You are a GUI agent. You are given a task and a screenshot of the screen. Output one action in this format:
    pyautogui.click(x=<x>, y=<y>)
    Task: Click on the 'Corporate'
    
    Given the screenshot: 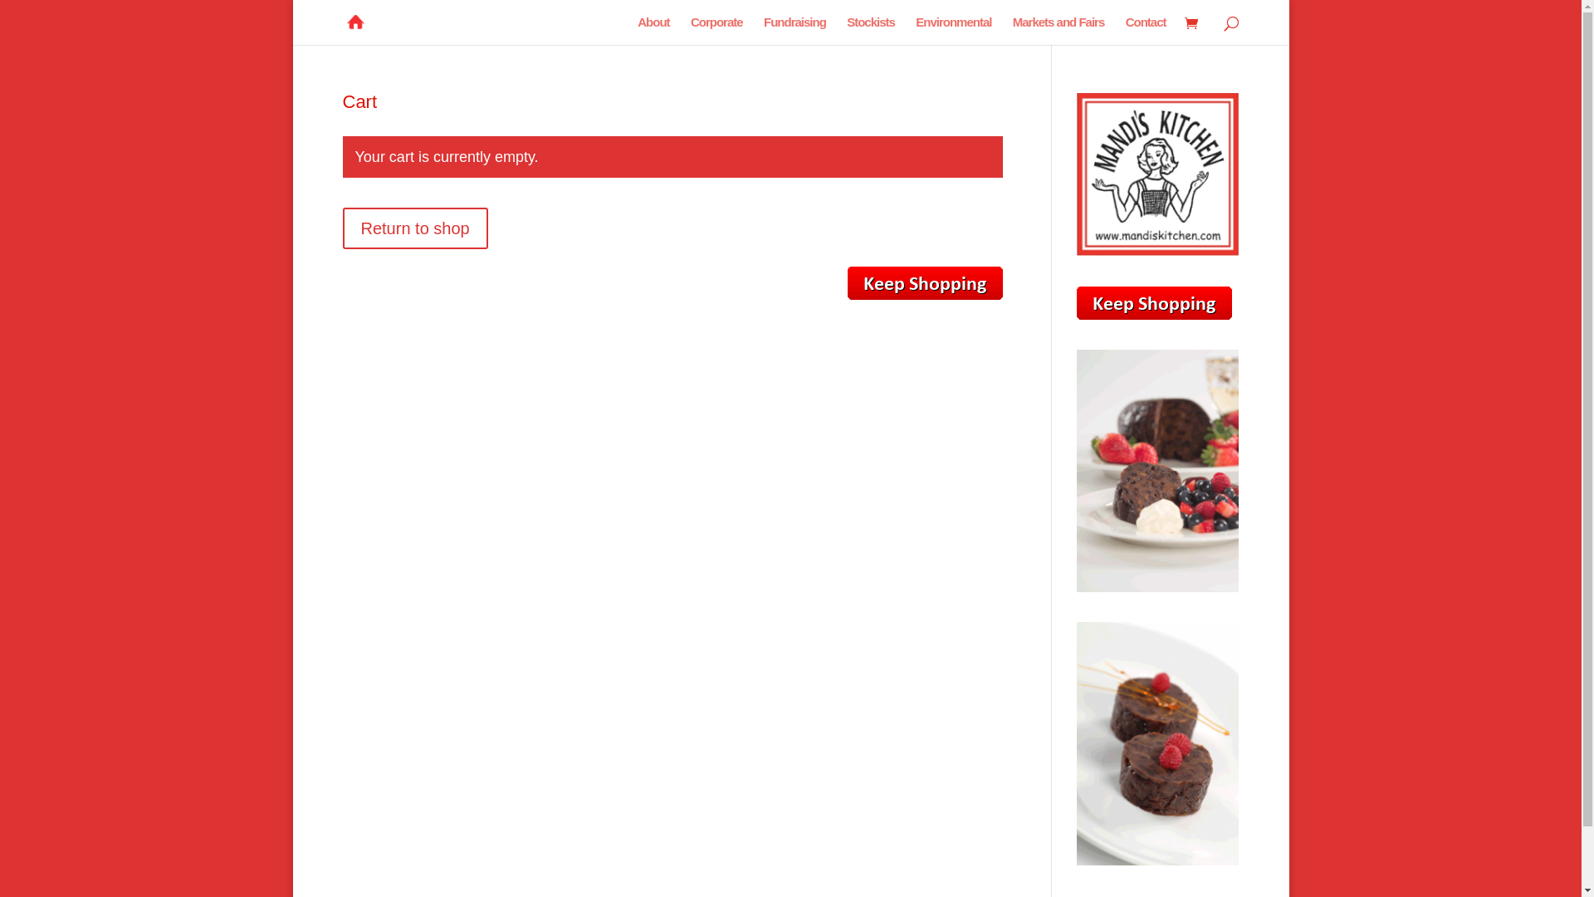 What is the action you would take?
    pyautogui.click(x=716, y=31)
    